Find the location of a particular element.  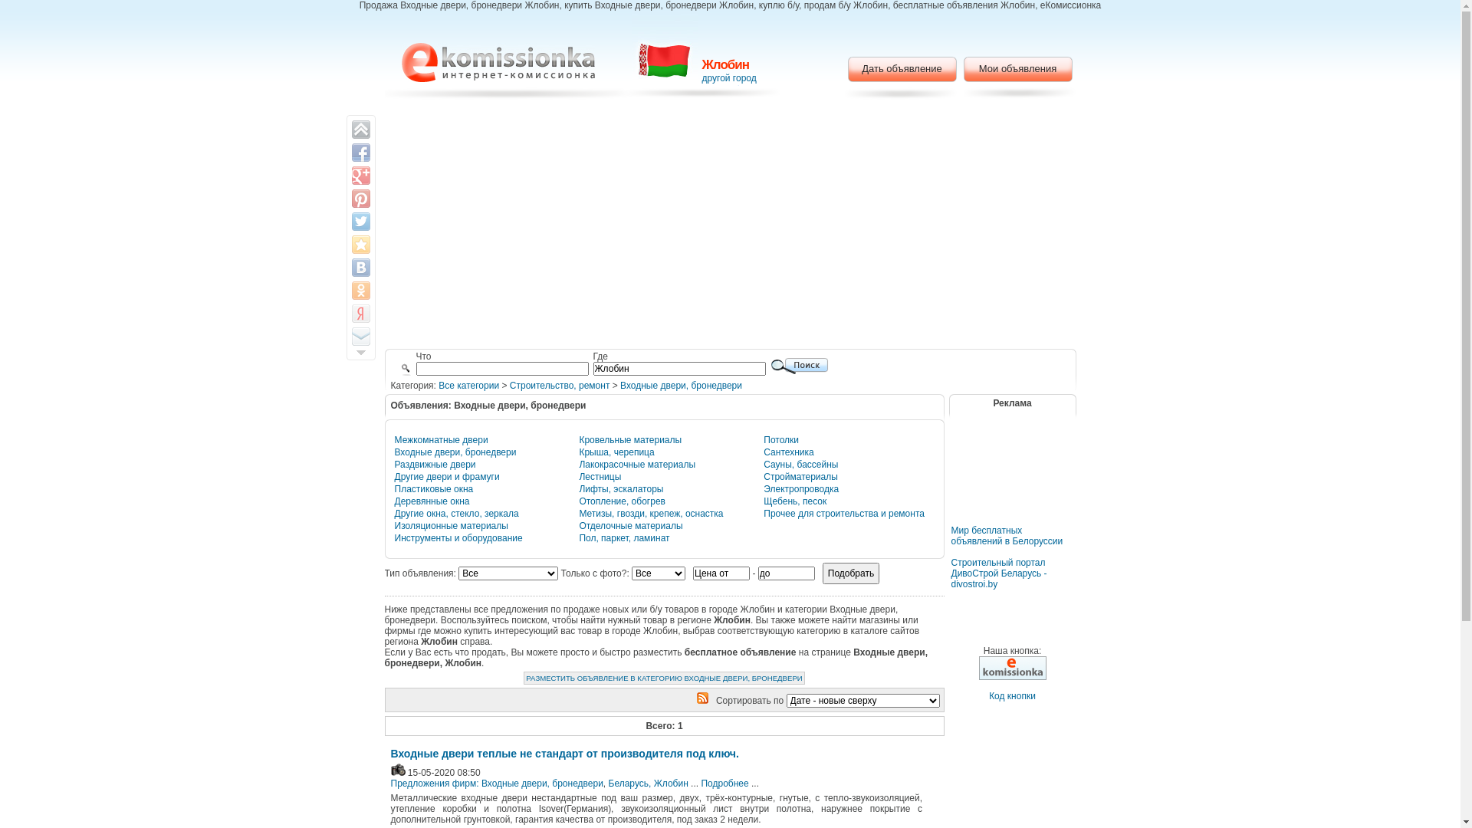

'Advertisement' is located at coordinates (401, 225).